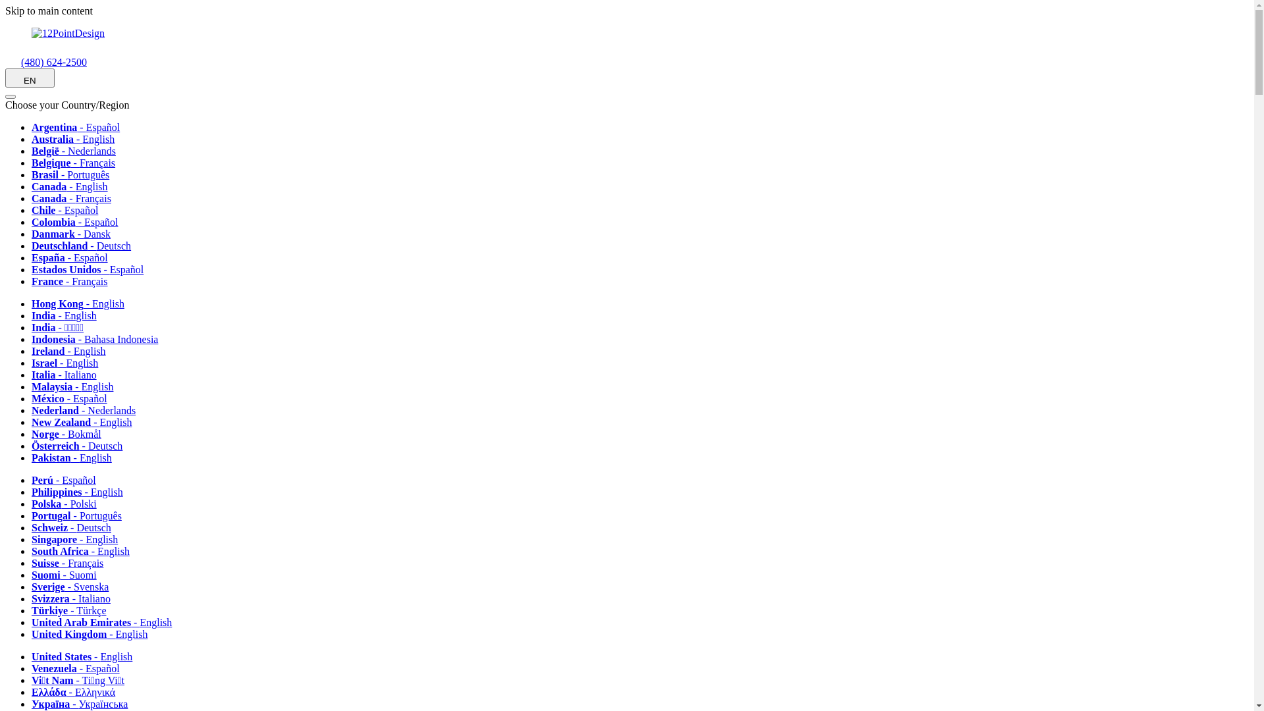 The width and height of the screenshot is (1264, 711). Describe the element at coordinates (32, 586) in the screenshot. I see `'Sverige - Svenska'` at that location.